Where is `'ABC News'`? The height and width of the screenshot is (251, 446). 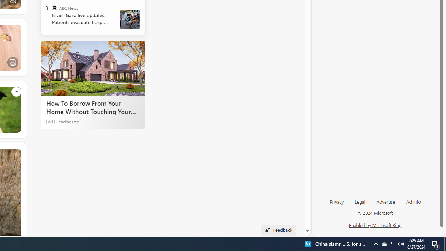 'ABC News' is located at coordinates (54, 8).